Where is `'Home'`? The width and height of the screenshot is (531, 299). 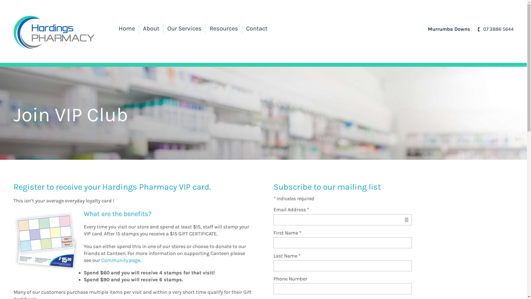
'Home' is located at coordinates (126, 29).